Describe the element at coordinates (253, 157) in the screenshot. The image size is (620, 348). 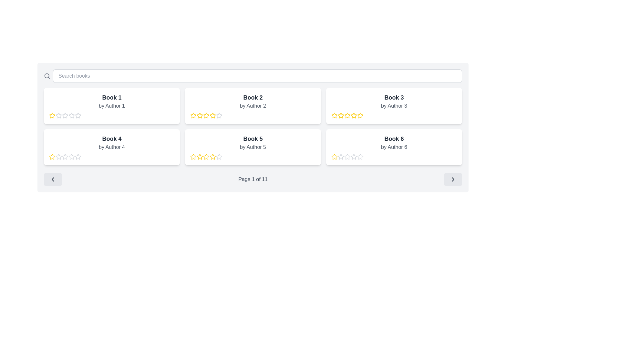
I see `one of the golden yellow stars in the Rating component of the 'Book 5 by Author 5' card to set a rating` at that location.